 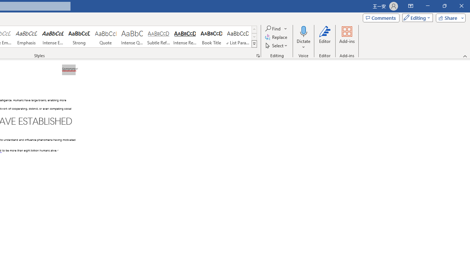 I want to click on 'Intense Reference', so click(x=185, y=37).